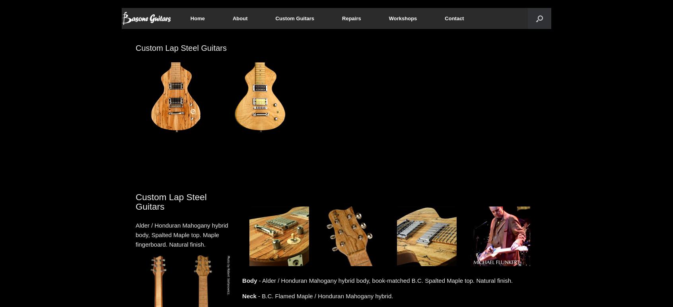 Image resolution: width=673 pixels, height=307 pixels. Describe the element at coordinates (249, 295) in the screenshot. I see `'Neck'` at that location.